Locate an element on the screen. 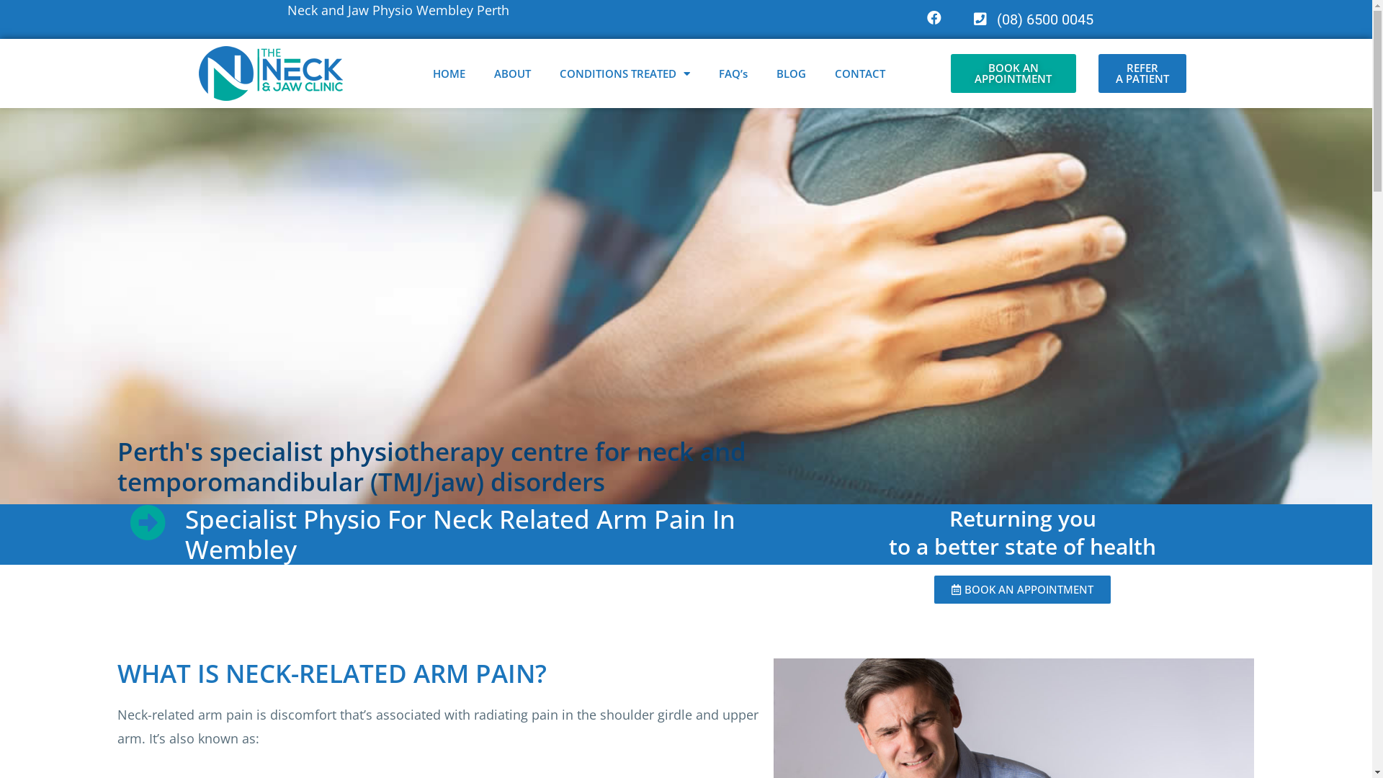  '(08) 6500 0045' is located at coordinates (957, 19).